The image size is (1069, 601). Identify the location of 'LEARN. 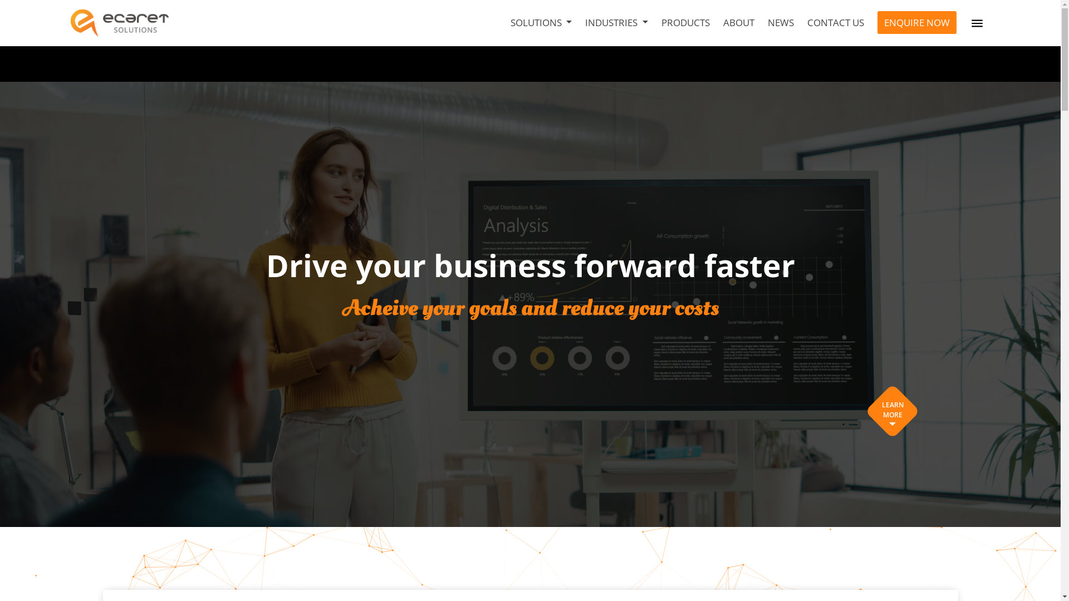
(893, 411).